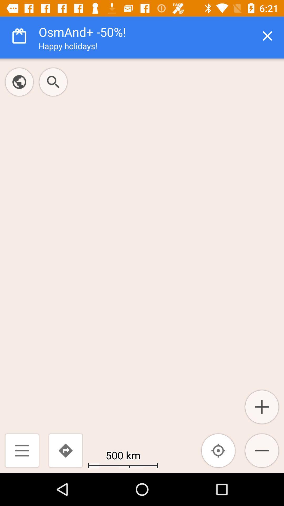 The width and height of the screenshot is (284, 506). What do you see at coordinates (218, 450) in the screenshot?
I see `the location_crosshair icon` at bounding box center [218, 450].